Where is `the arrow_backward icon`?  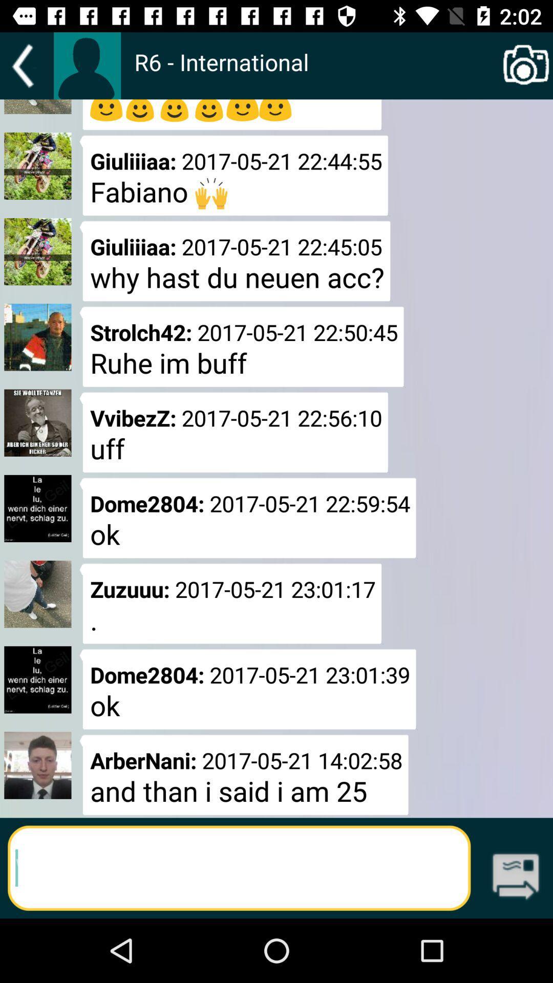
the arrow_backward icon is located at coordinates (26, 66).